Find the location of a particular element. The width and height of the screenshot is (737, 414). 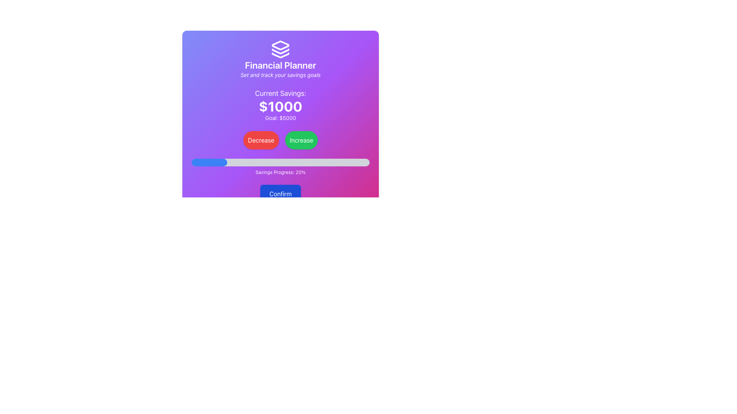

the filled portion of the progress bar which is a blue rectangular bar with rounded edges, visually distinct against a gray background, representing 20% of the savings progress is located at coordinates (209, 162).